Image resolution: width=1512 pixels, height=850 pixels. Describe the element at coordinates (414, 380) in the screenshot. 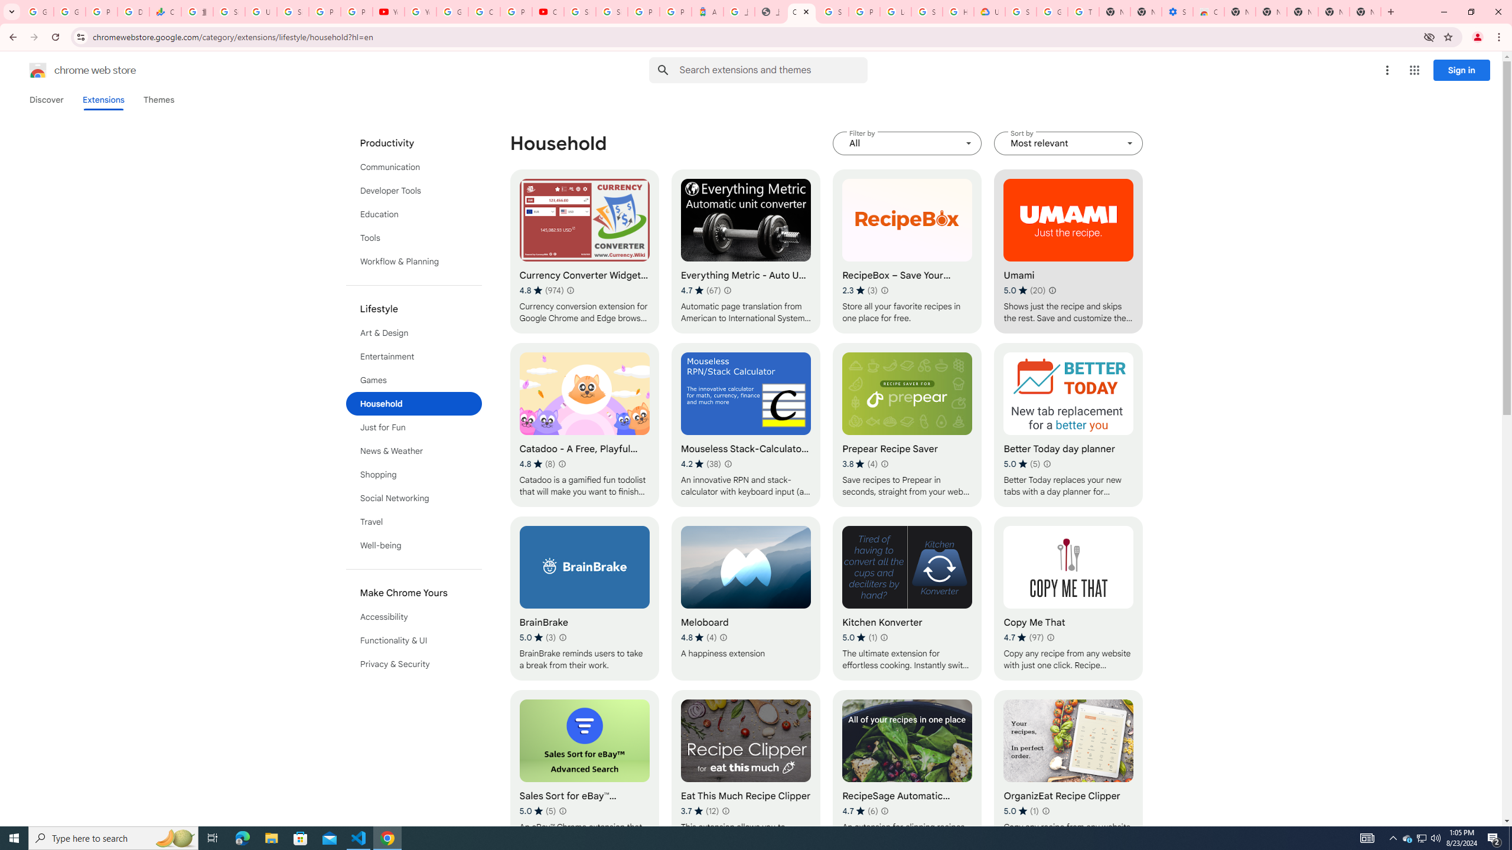

I see `'Games'` at that location.